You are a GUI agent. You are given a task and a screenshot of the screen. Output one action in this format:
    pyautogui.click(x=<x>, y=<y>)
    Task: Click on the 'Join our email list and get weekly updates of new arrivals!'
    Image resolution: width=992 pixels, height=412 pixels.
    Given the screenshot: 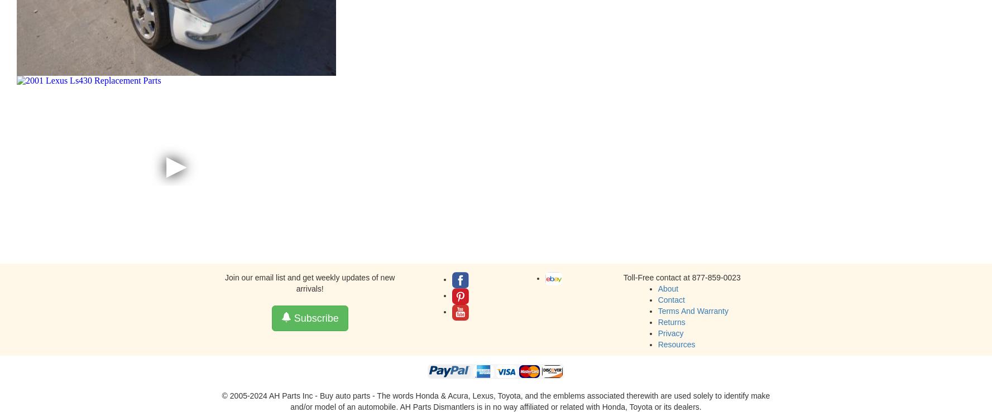 What is the action you would take?
    pyautogui.click(x=309, y=283)
    